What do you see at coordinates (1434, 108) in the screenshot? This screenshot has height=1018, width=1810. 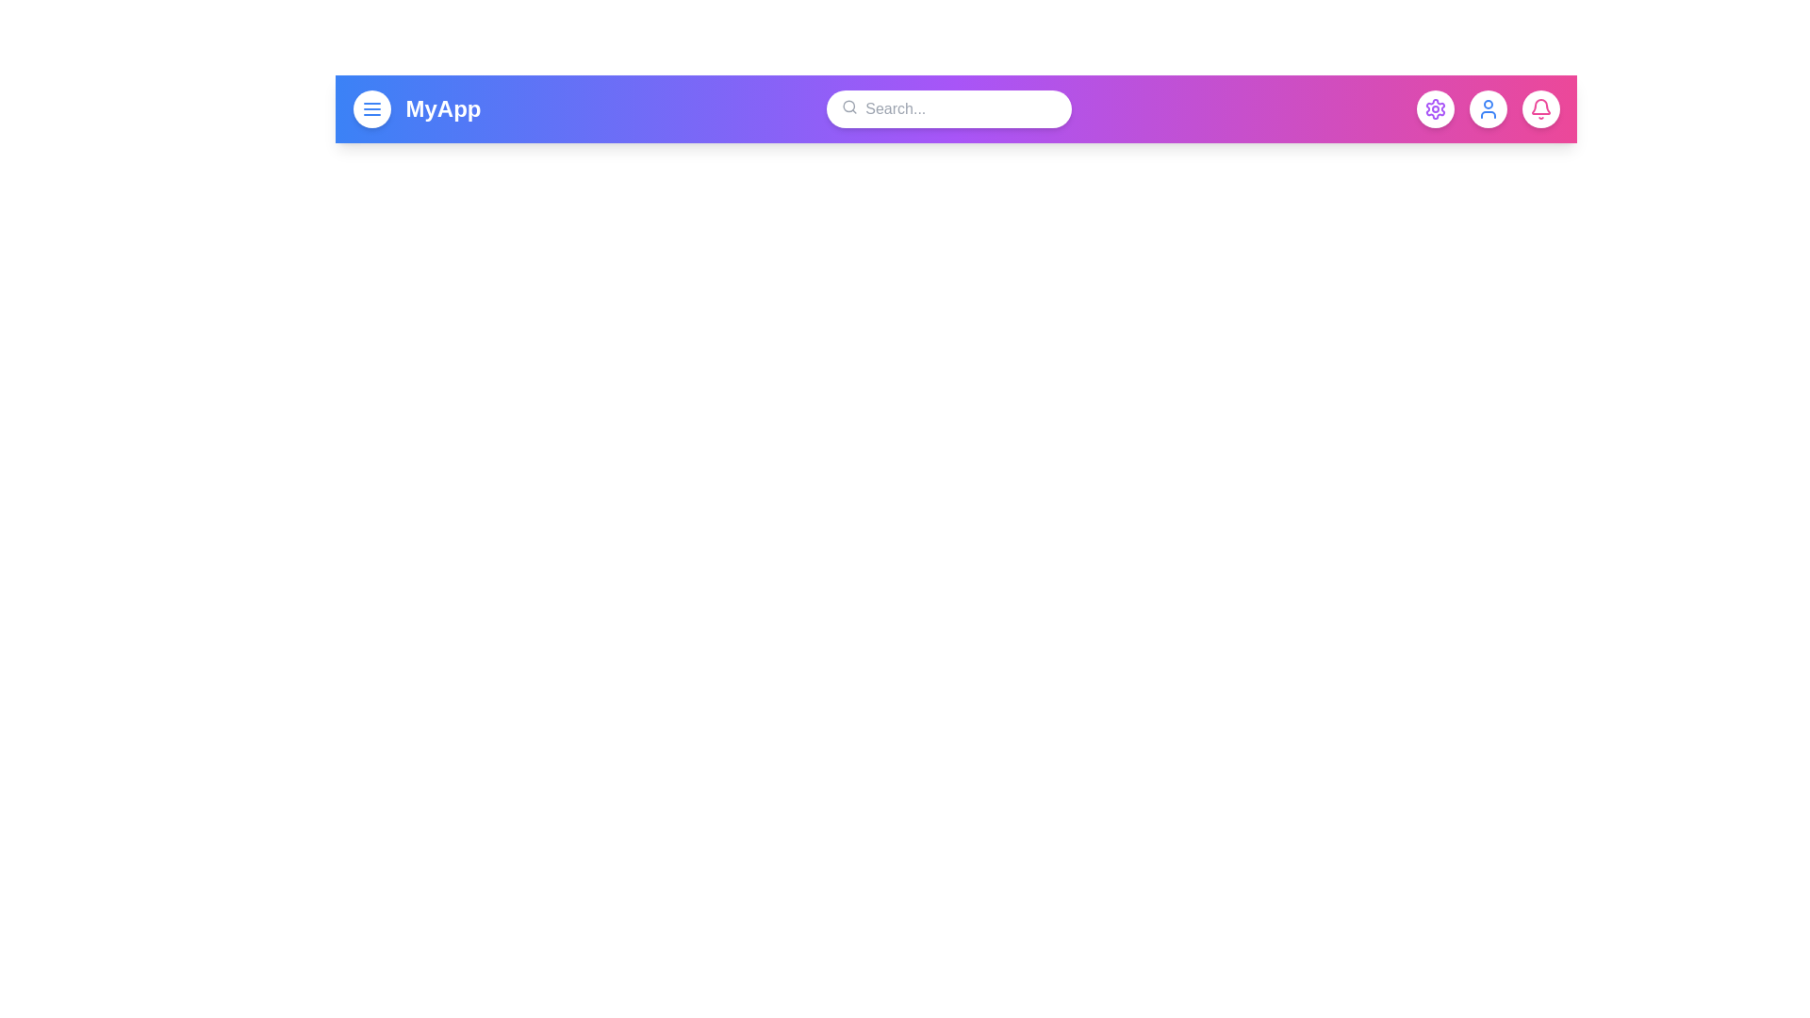 I see `the settings button to toggle the search visibility` at bounding box center [1434, 108].